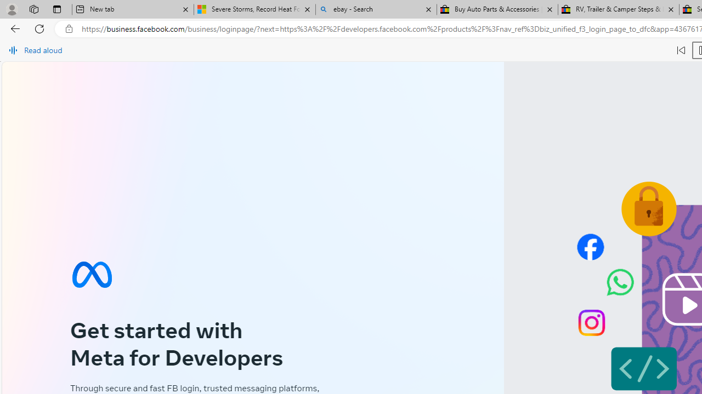  Describe the element at coordinates (618, 9) in the screenshot. I see `'RV, Trailer & Camper Steps & Ladders for sale | eBay'` at that location.